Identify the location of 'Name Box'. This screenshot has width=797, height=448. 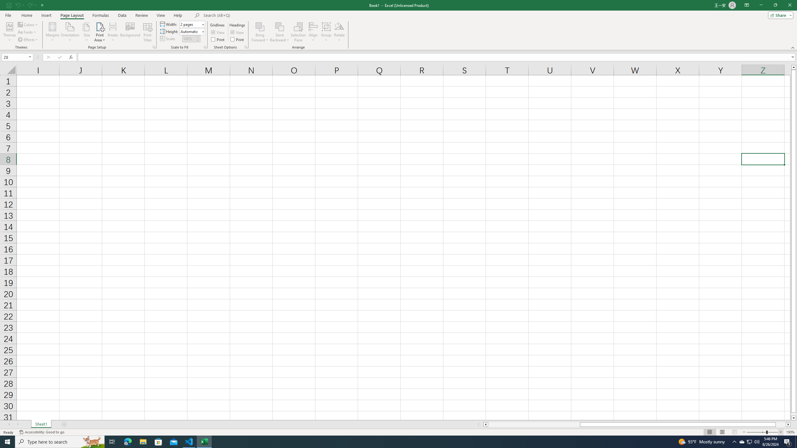
(17, 57).